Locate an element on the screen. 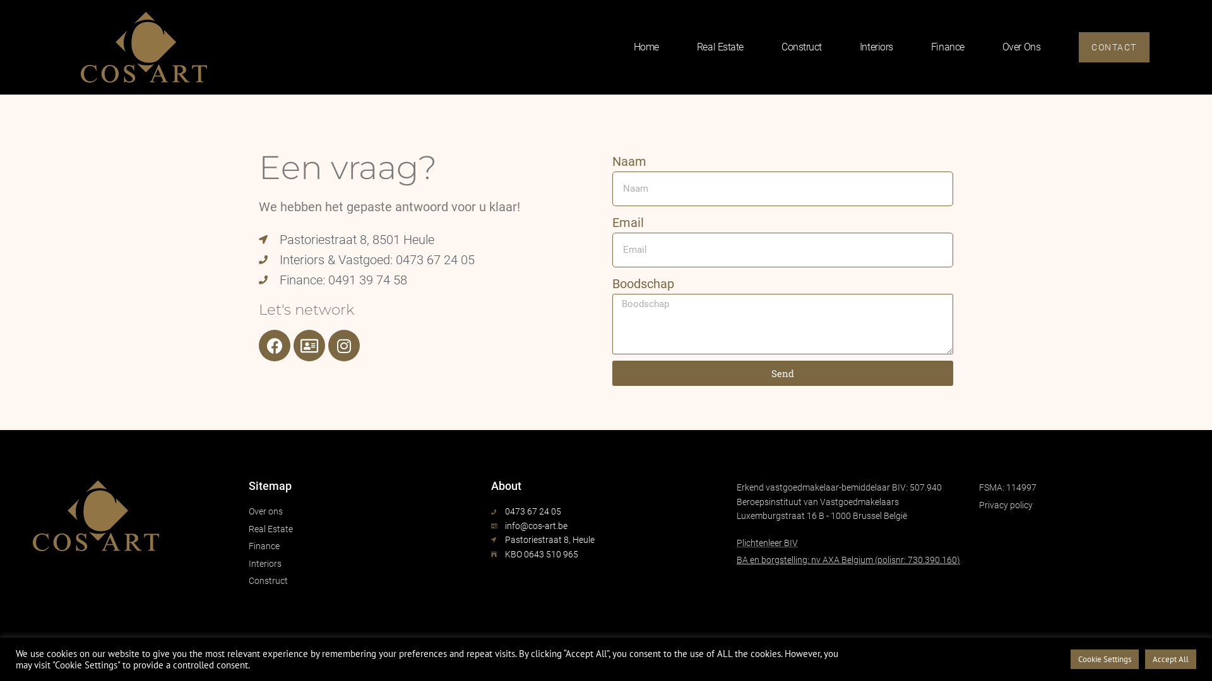 The width and height of the screenshot is (1212, 681). 'Home' is located at coordinates (646, 46).